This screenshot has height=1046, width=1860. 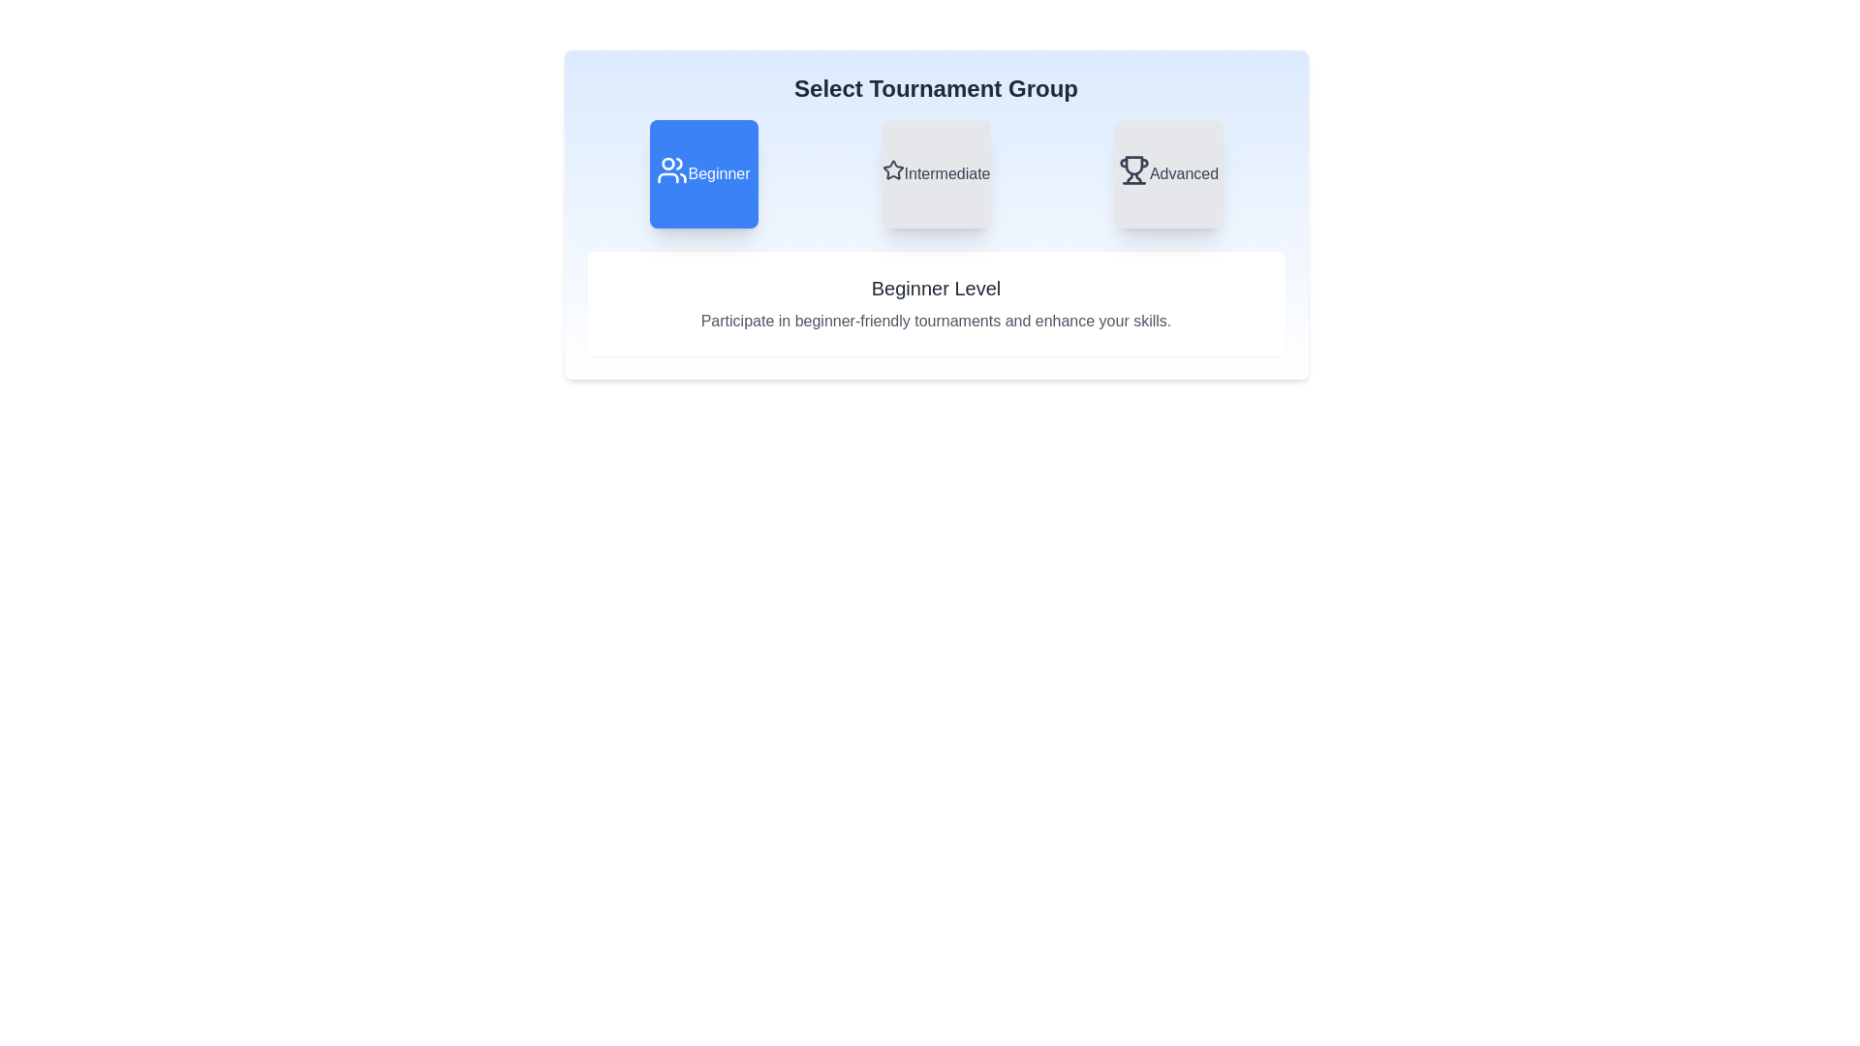 I want to click on the selectable button options in the 'Select Tournament Group' section, so click(x=936, y=174).